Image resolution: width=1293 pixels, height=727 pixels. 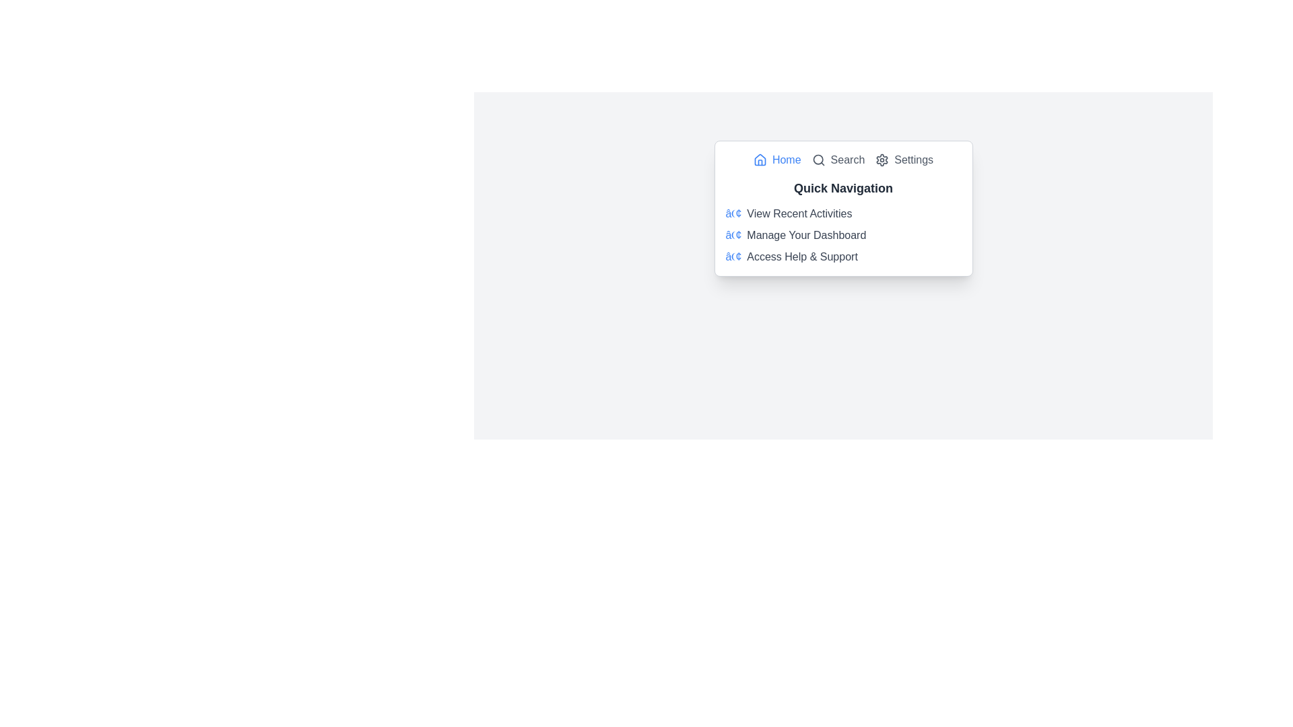 I want to click on the 'Quick Navigation' text label located at the top of the dropdown menu, which is styled in bold dark gray and serves as the header above the list of links, so click(x=842, y=188).